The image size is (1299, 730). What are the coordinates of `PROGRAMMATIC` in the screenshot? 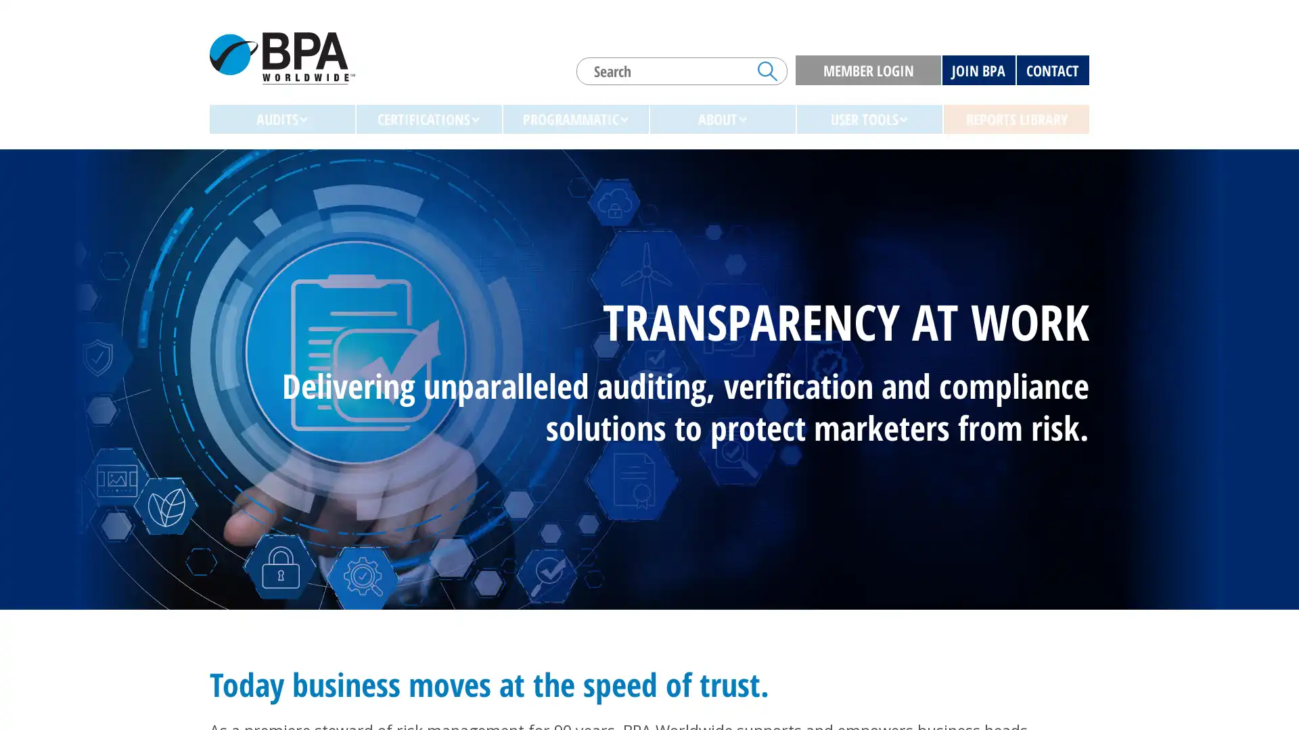 It's located at (576, 118).